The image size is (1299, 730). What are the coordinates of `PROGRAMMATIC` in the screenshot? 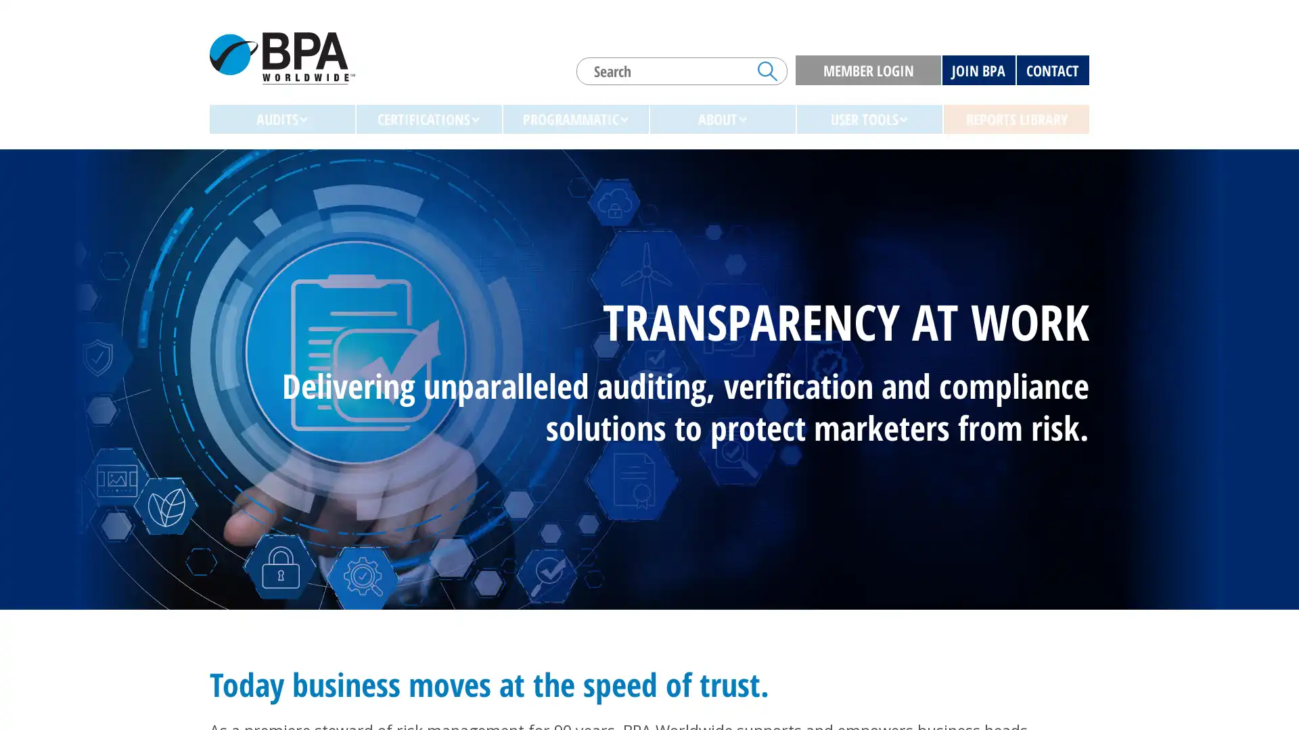 It's located at (576, 118).